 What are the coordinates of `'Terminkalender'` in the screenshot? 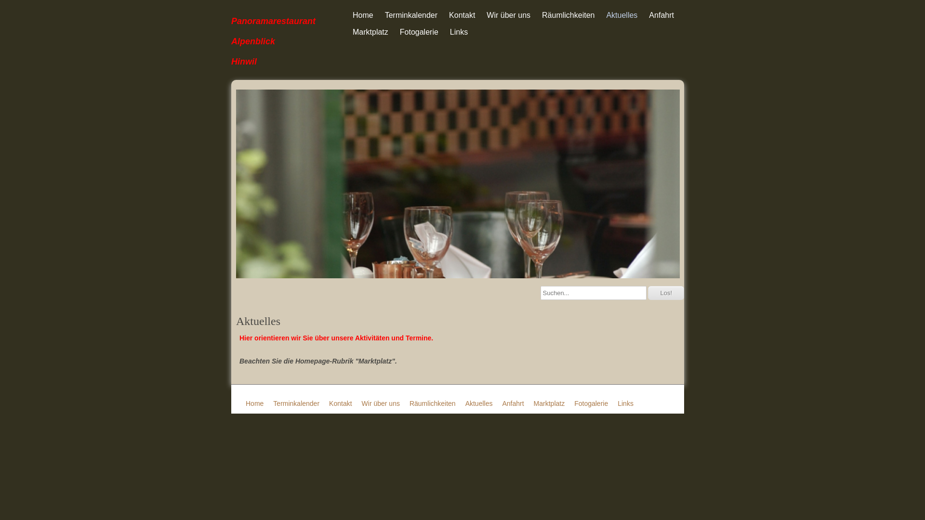 It's located at (411, 15).